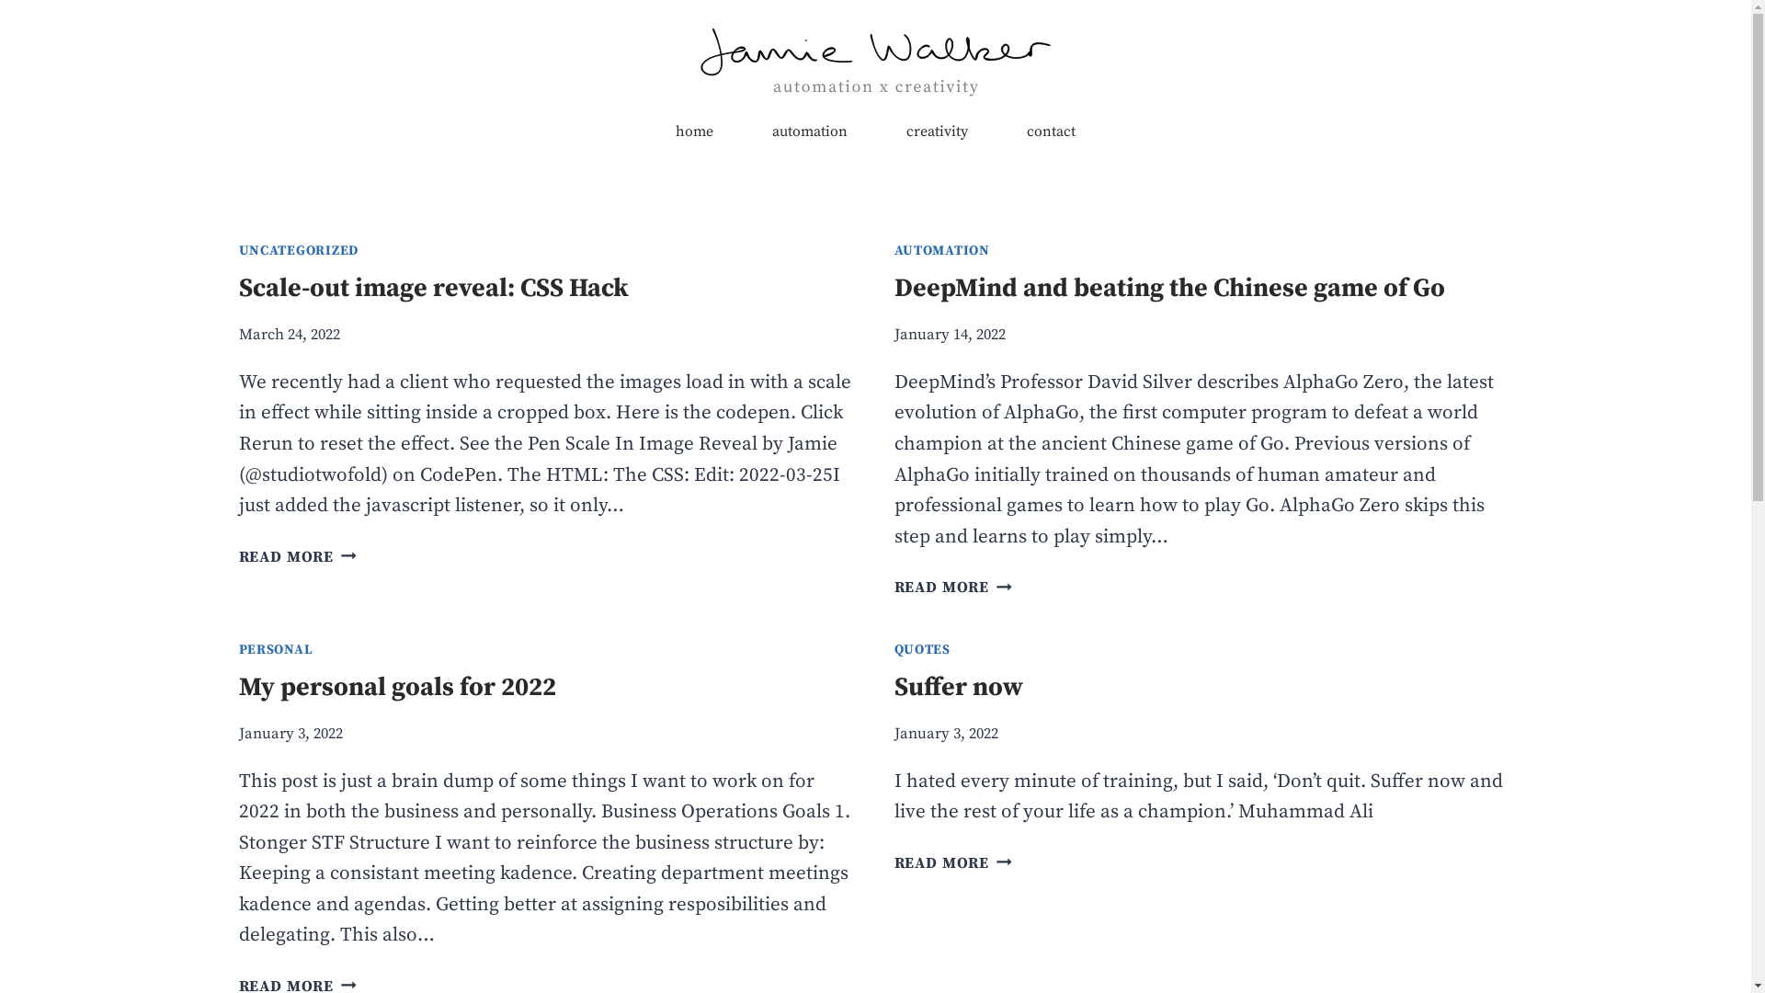 Image resolution: width=1765 pixels, height=993 pixels. What do you see at coordinates (298, 556) in the screenshot?
I see `'READ MORE` at bounding box center [298, 556].